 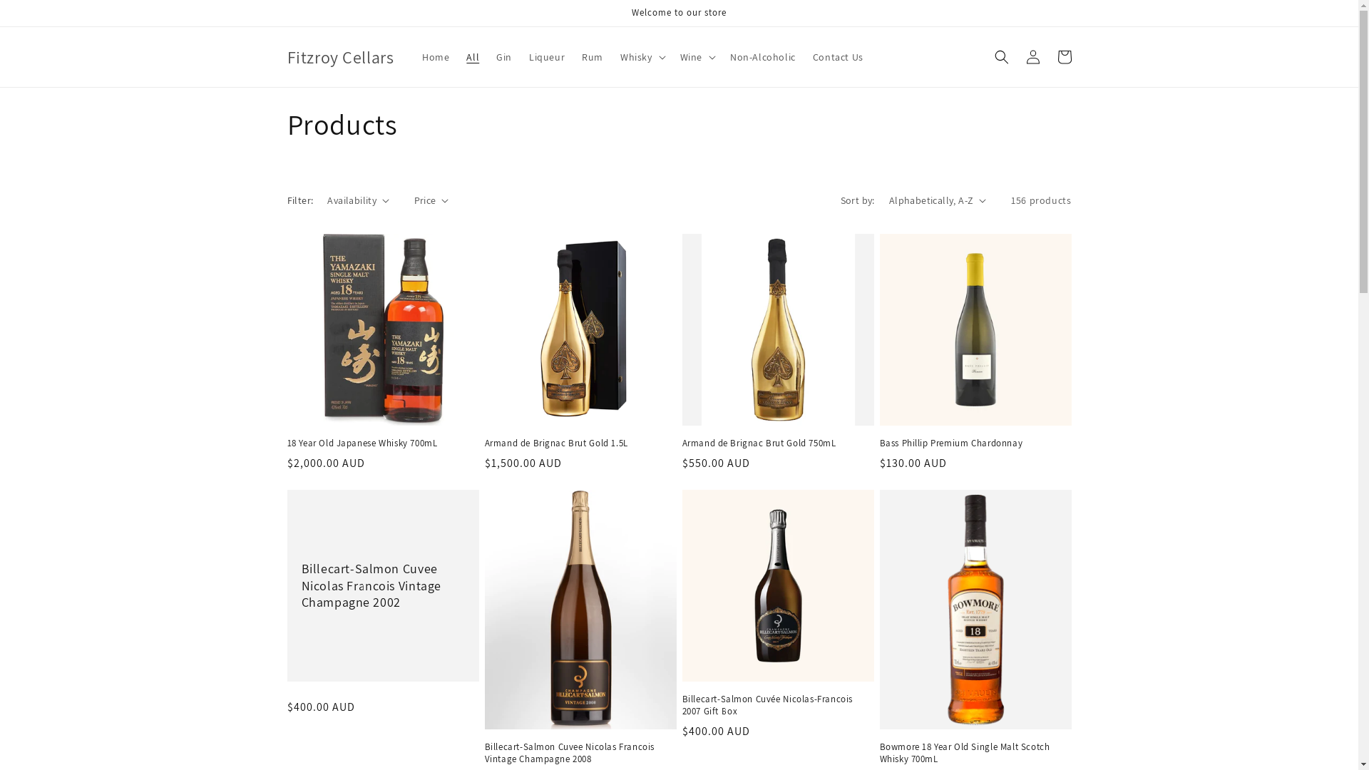 I want to click on 'Contact Us', so click(x=838, y=56).